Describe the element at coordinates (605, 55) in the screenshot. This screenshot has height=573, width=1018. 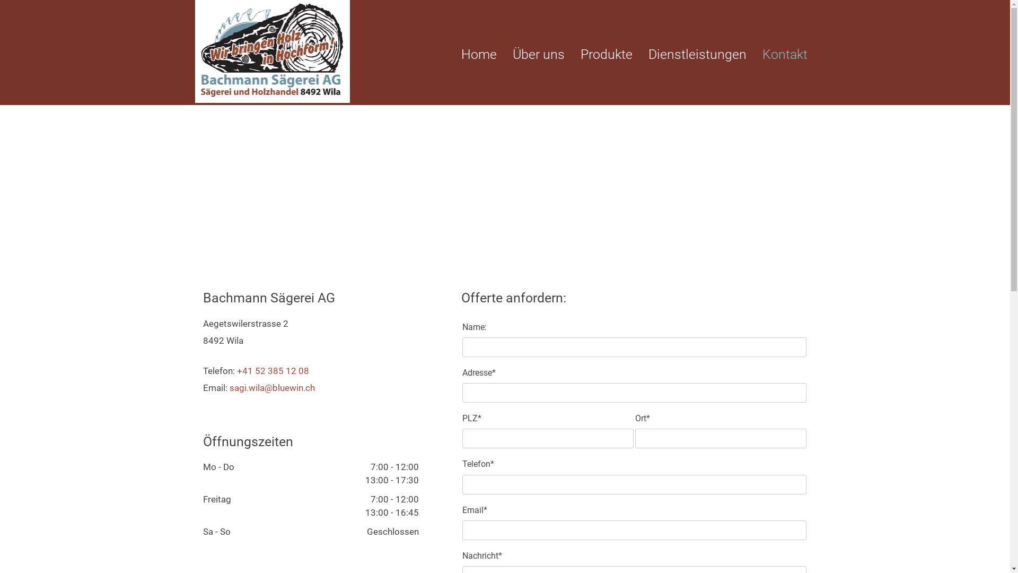
I see `'Produkte'` at that location.